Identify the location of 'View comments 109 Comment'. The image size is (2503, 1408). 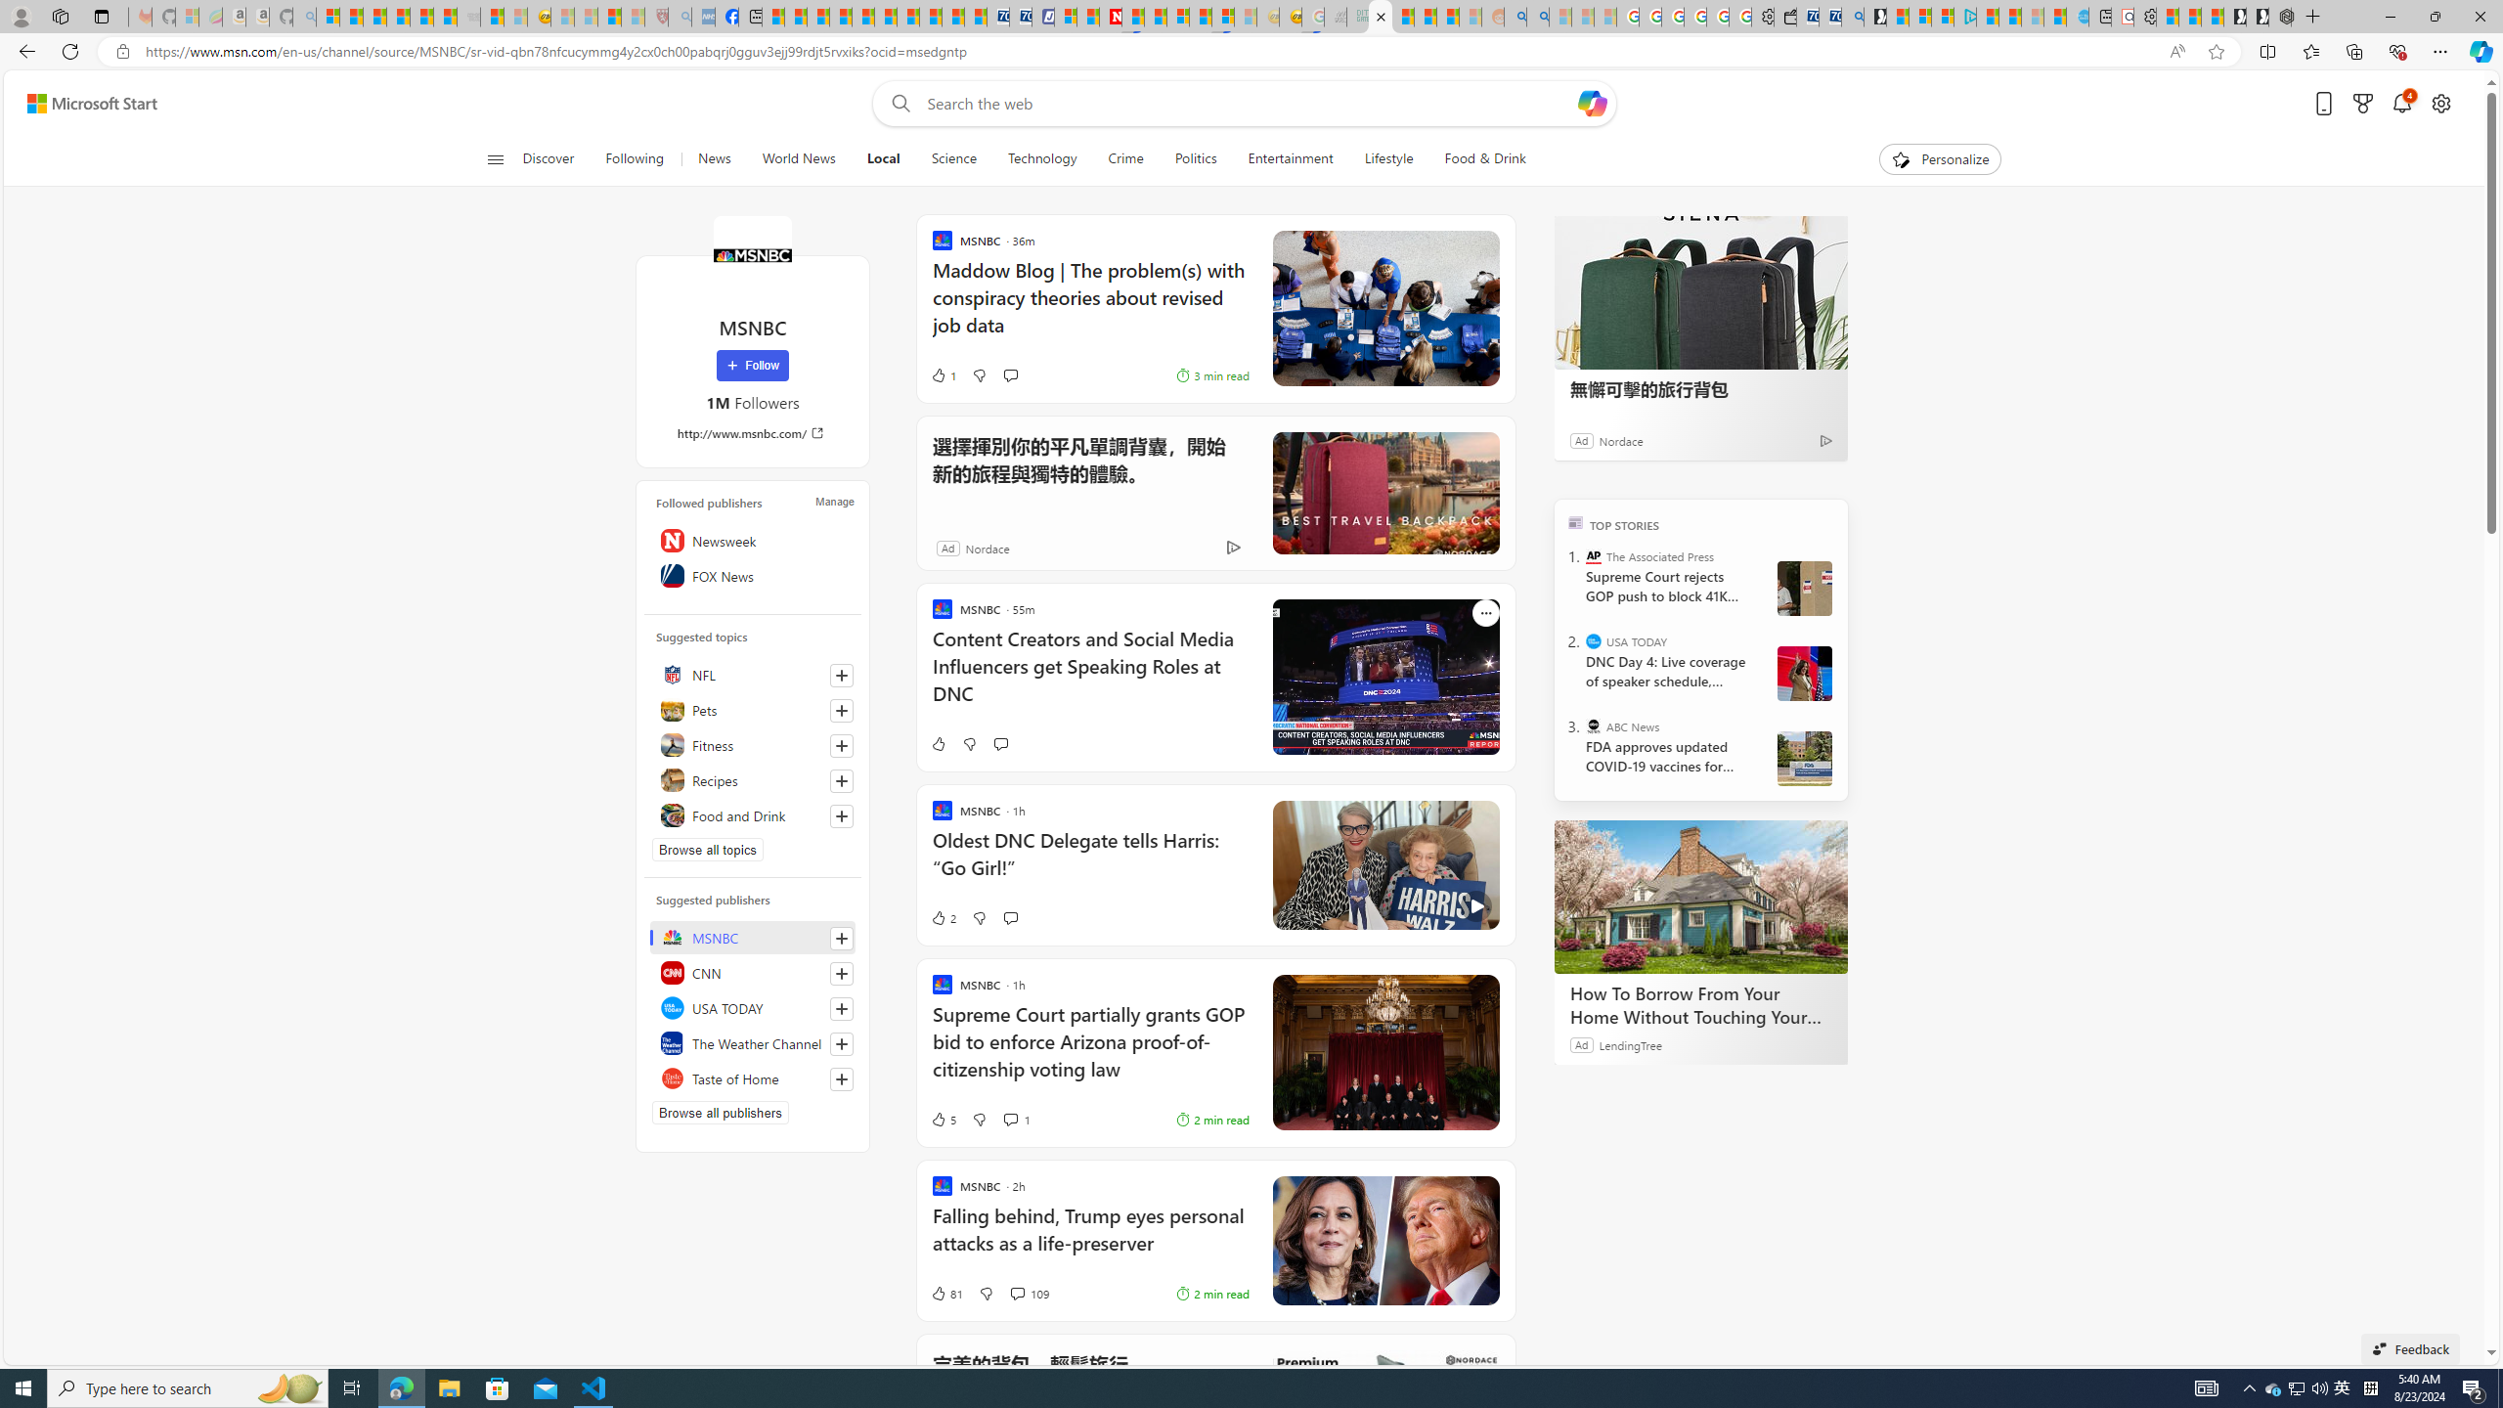
(1016, 1292).